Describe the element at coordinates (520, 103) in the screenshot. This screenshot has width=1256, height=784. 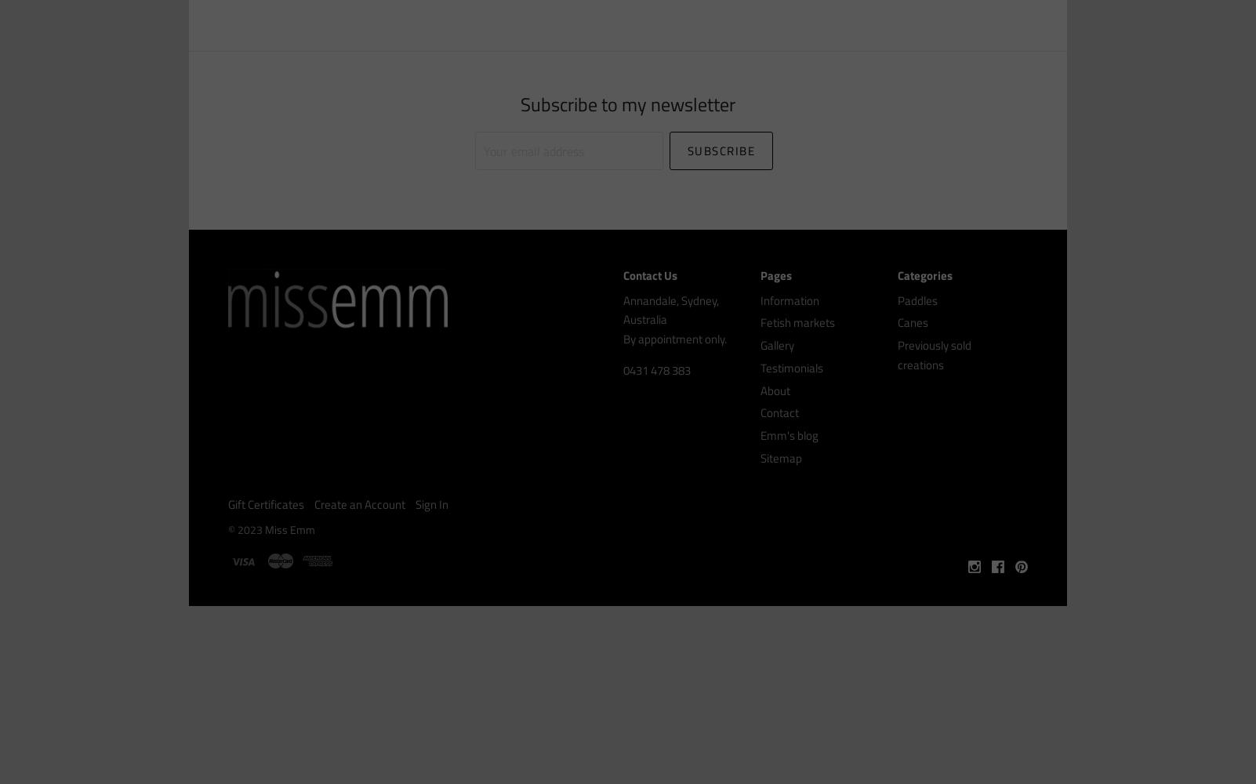
I see `'Subscribe to my newsletter'` at that location.